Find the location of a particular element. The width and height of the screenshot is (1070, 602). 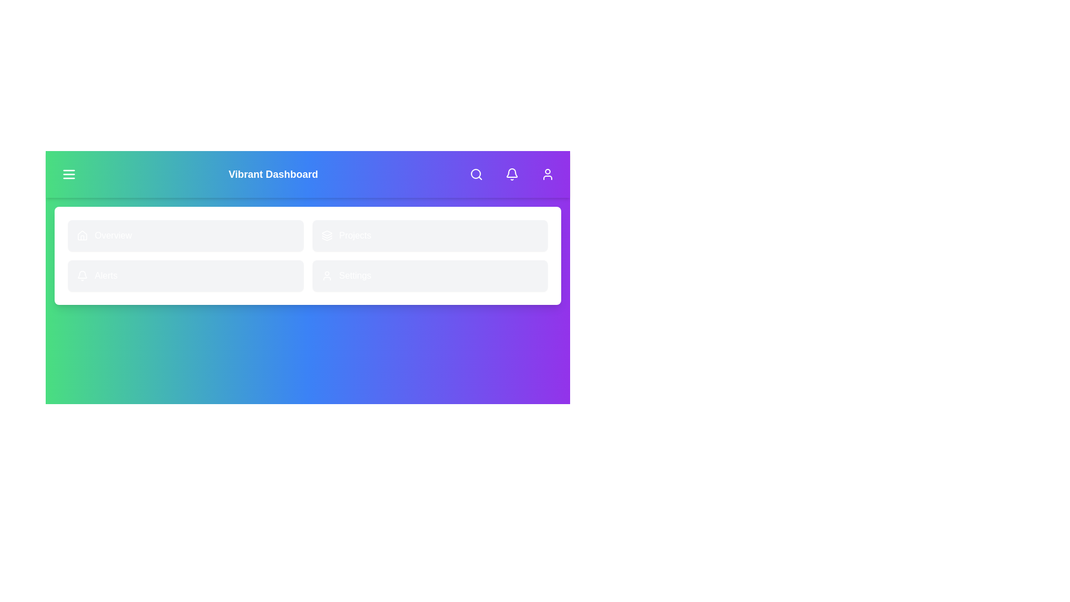

User Profile button at the top right is located at coordinates (548, 174).